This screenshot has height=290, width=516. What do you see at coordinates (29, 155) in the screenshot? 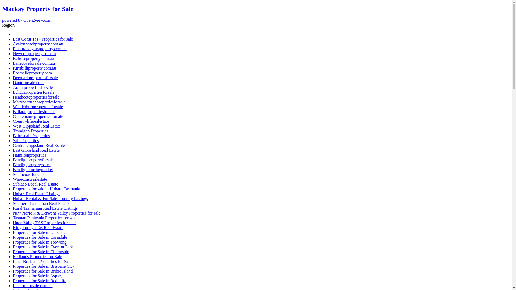
I see `'Hamiltonproperties'` at bounding box center [29, 155].